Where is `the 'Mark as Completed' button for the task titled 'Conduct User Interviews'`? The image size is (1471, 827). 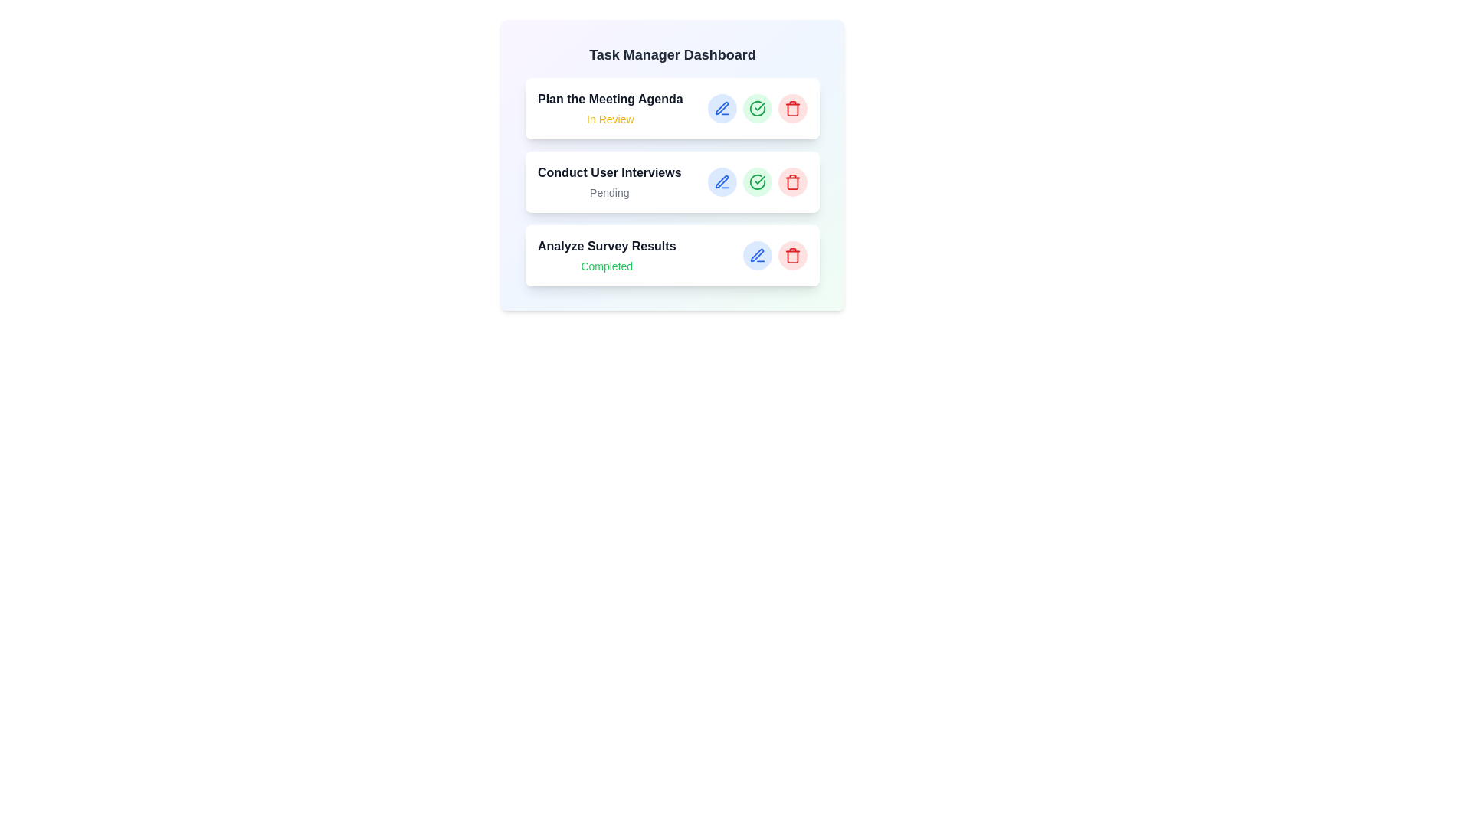
the 'Mark as Completed' button for the task titled 'Conduct User Interviews' is located at coordinates (757, 181).